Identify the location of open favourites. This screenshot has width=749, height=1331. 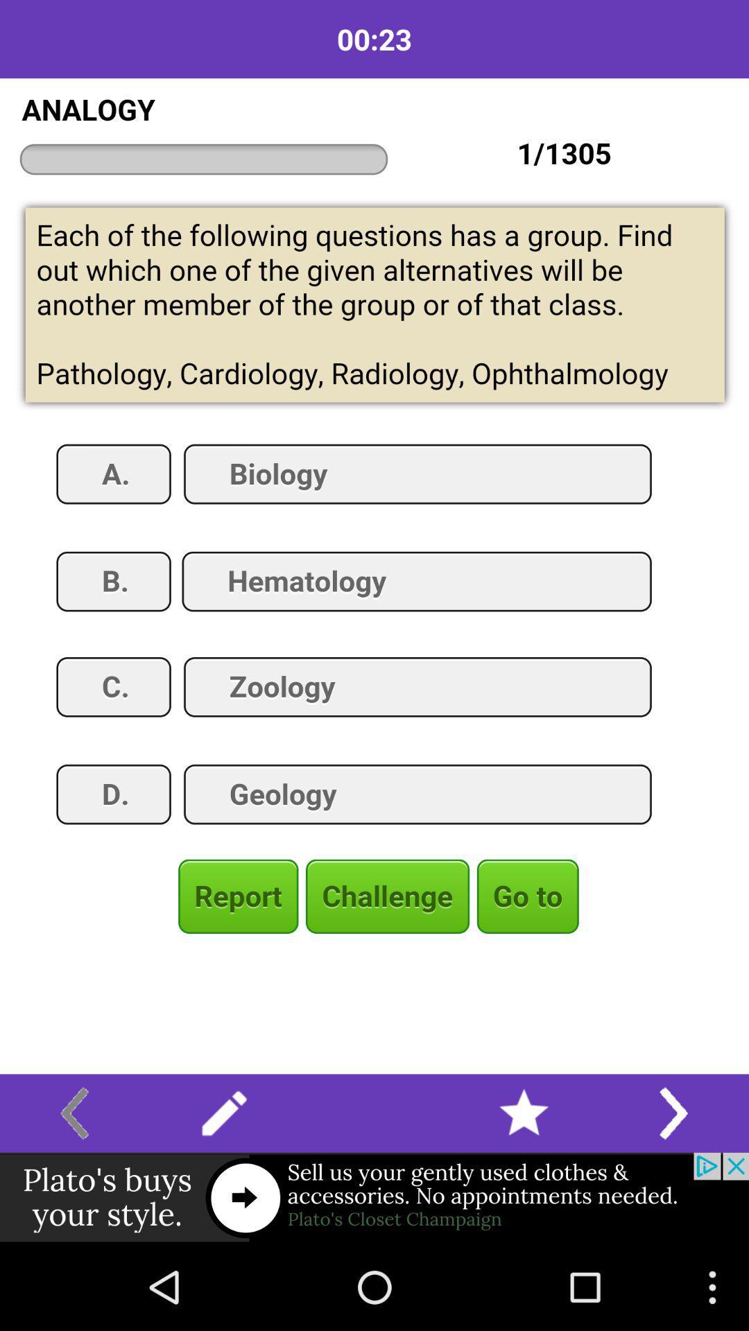
(524, 1113).